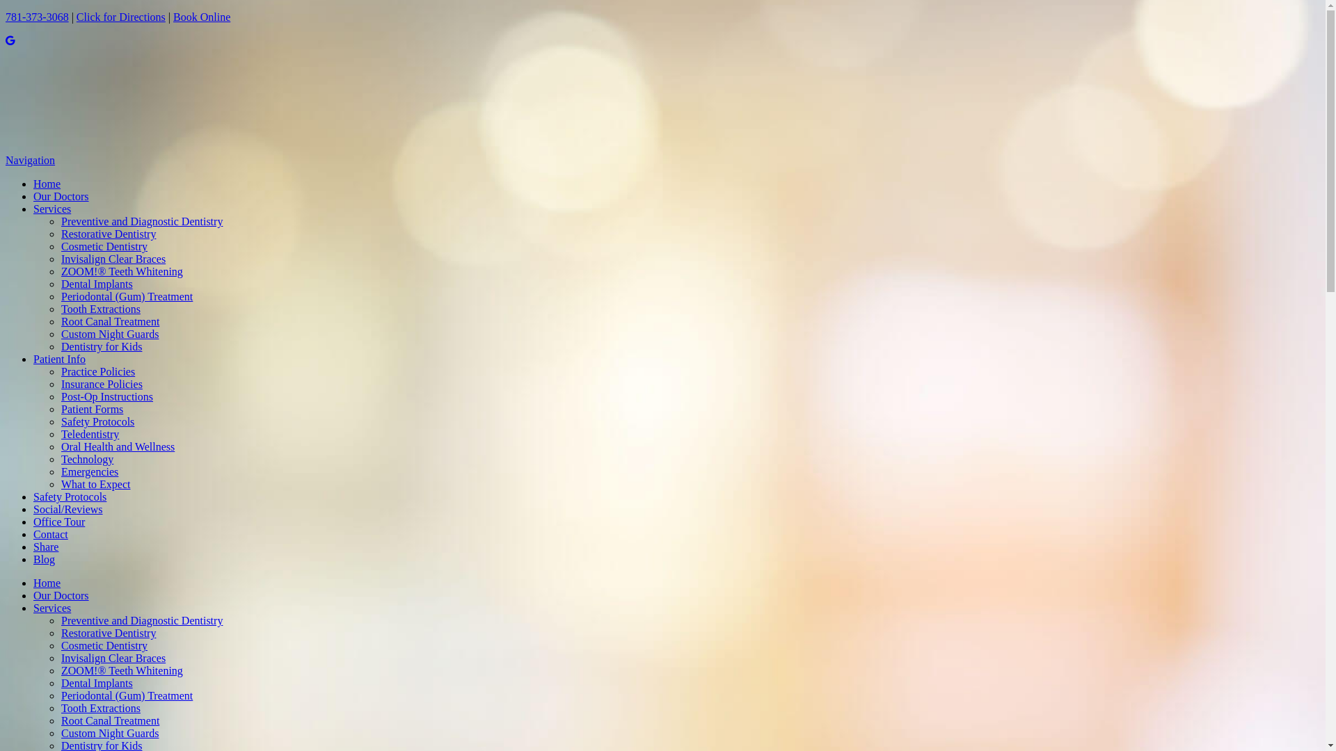 The height and width of the screenshot is (751, 1336). Describe the element at coordinates (89, 471) in the screenshot. I see `'Emergencies'` at that location.